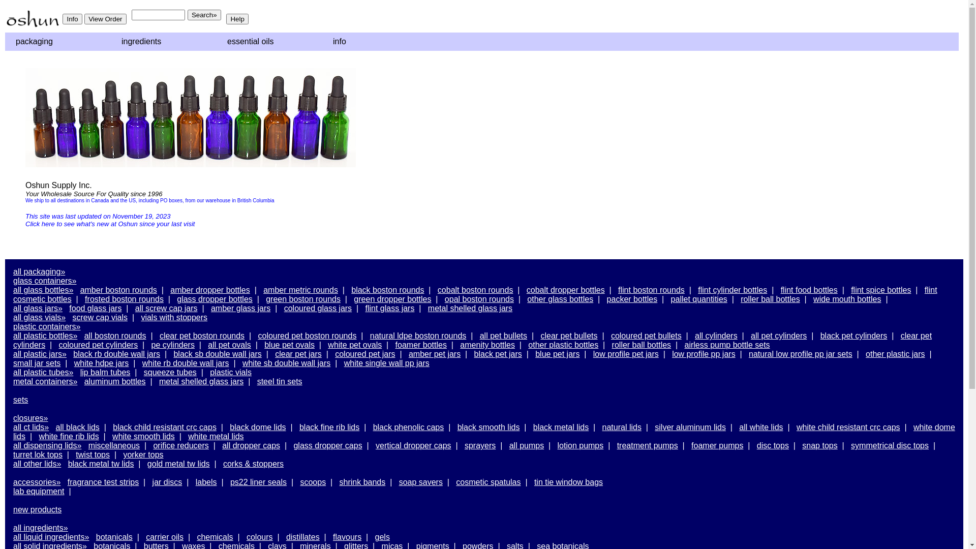 The image size is (976, 549). I want to click on 'soap savers', so click(421, 481).